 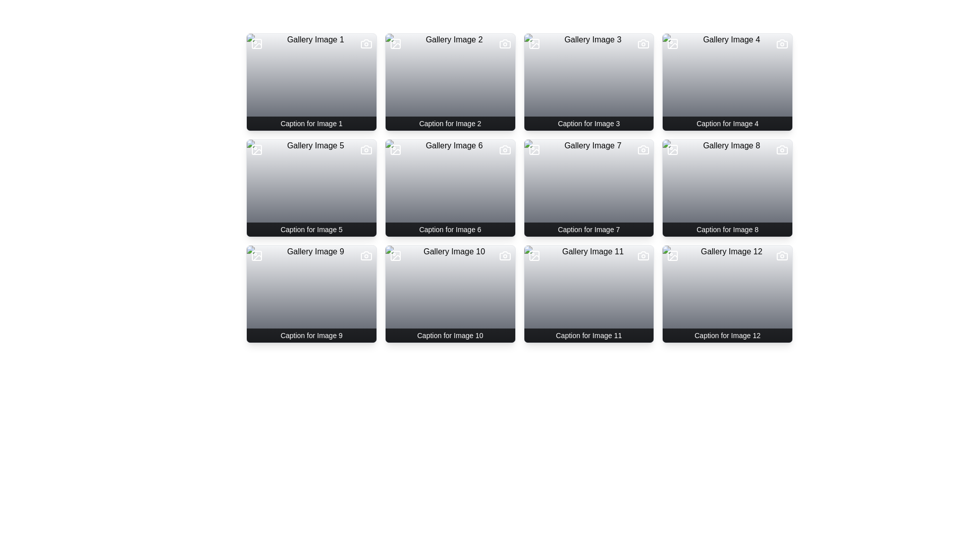 What do you see at coordinates (395, 255) in the screenshot?
I see `the Icon or Decorative Frame located in the top-left corner of the 'Gallery Image 10' tile, which serves as a visual indicator or decorative component` at bounding box center [395, 255].